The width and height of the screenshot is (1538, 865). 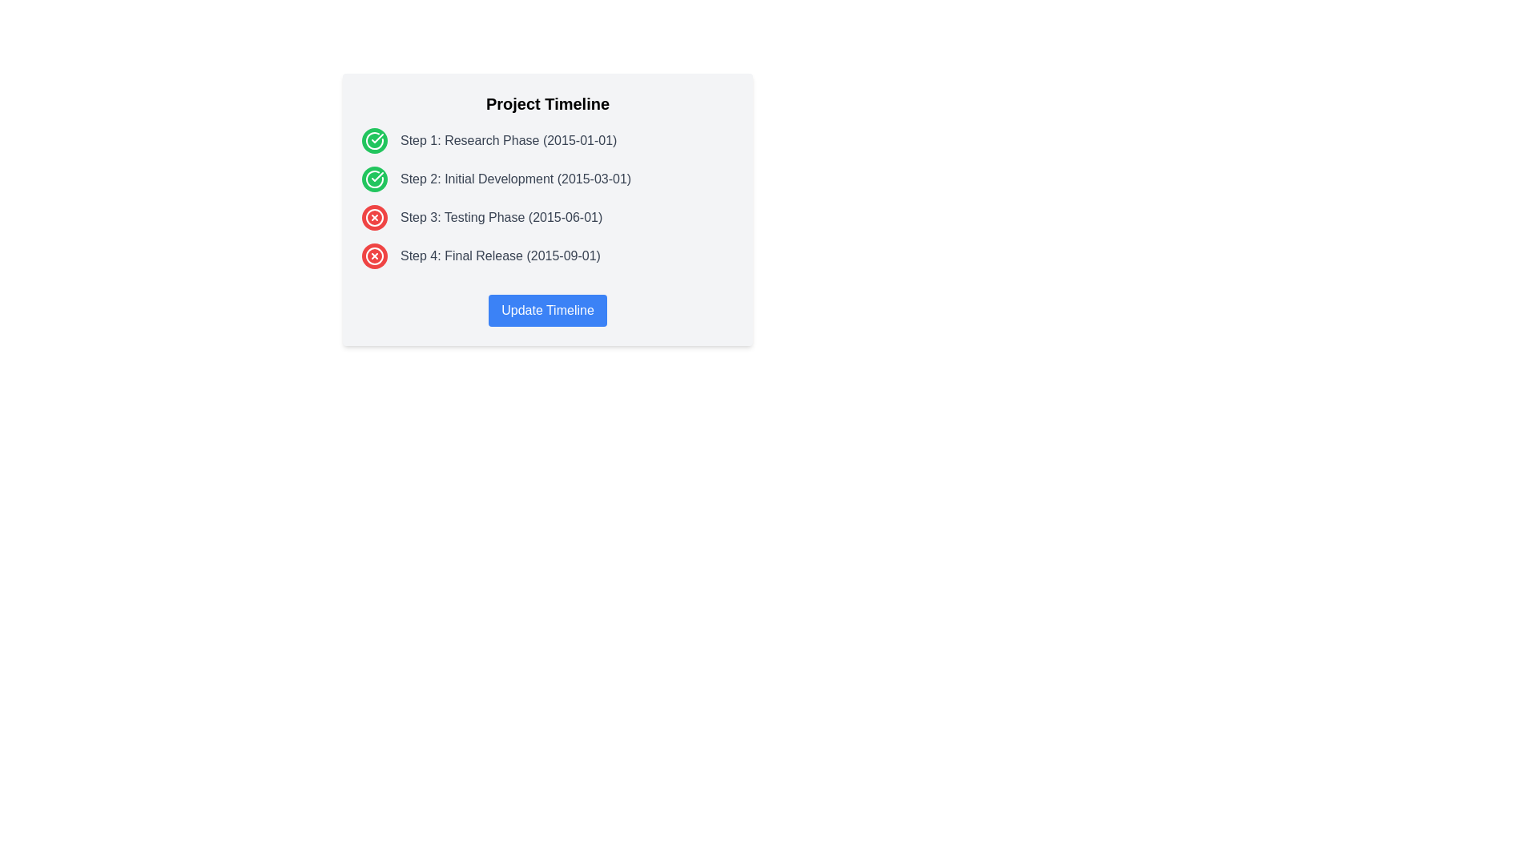 I want to click on the last step in the timeline, which is represented by a red icon and a cross symbol, indicating its specific status, so click(x=548, y=255).